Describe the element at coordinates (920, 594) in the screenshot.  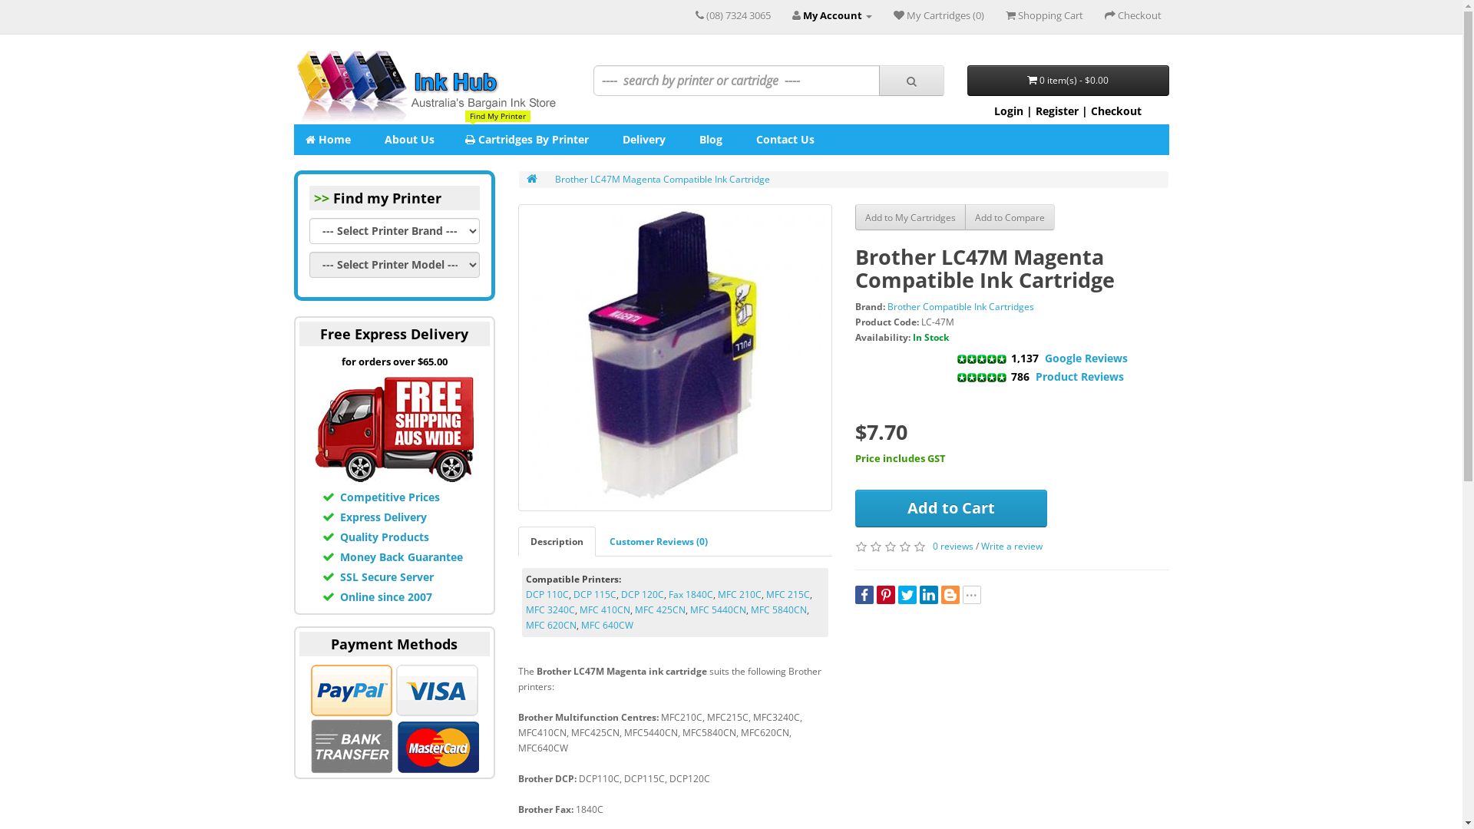
I see `'LinkedIn'` at that location.